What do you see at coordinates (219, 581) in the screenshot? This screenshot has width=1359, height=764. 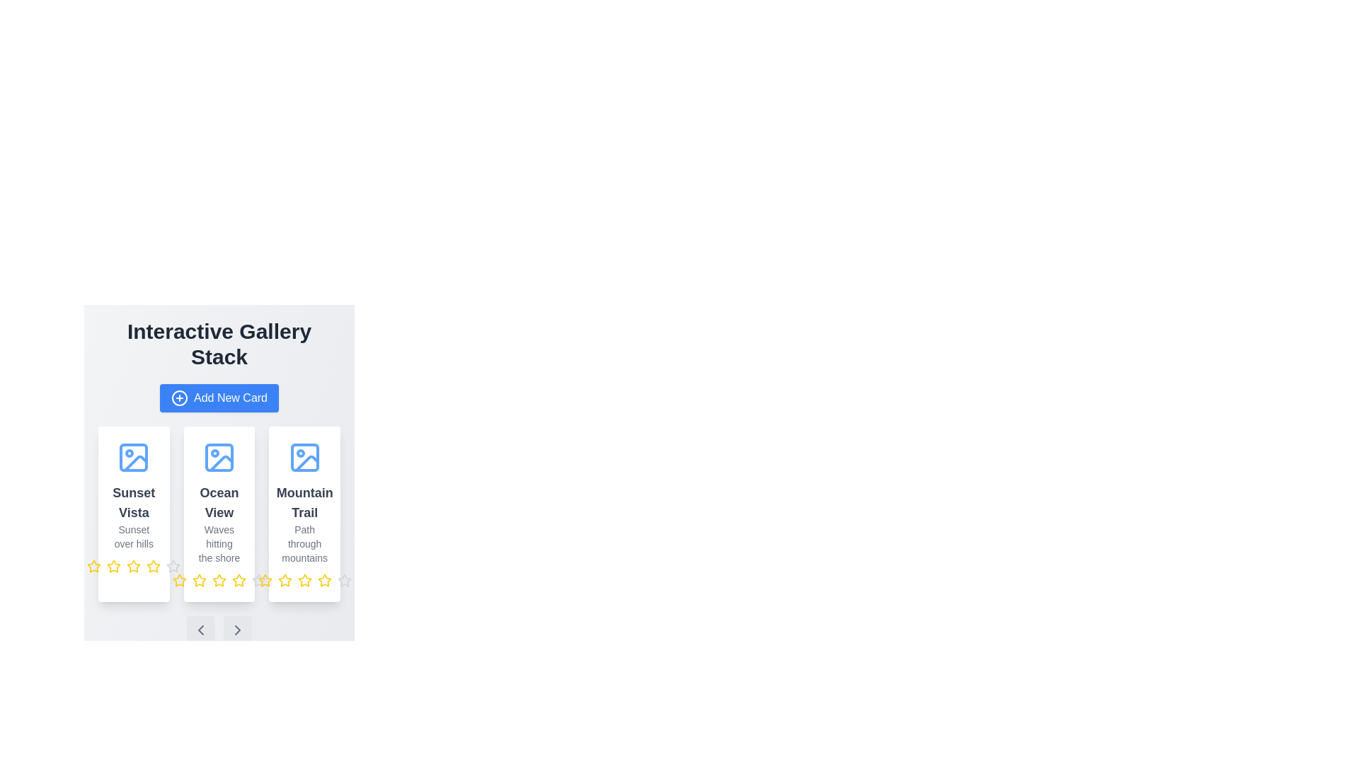 I see `the fourth star icon in the rating system below the 'Ocean View' card` at bounding box center [219, 581].